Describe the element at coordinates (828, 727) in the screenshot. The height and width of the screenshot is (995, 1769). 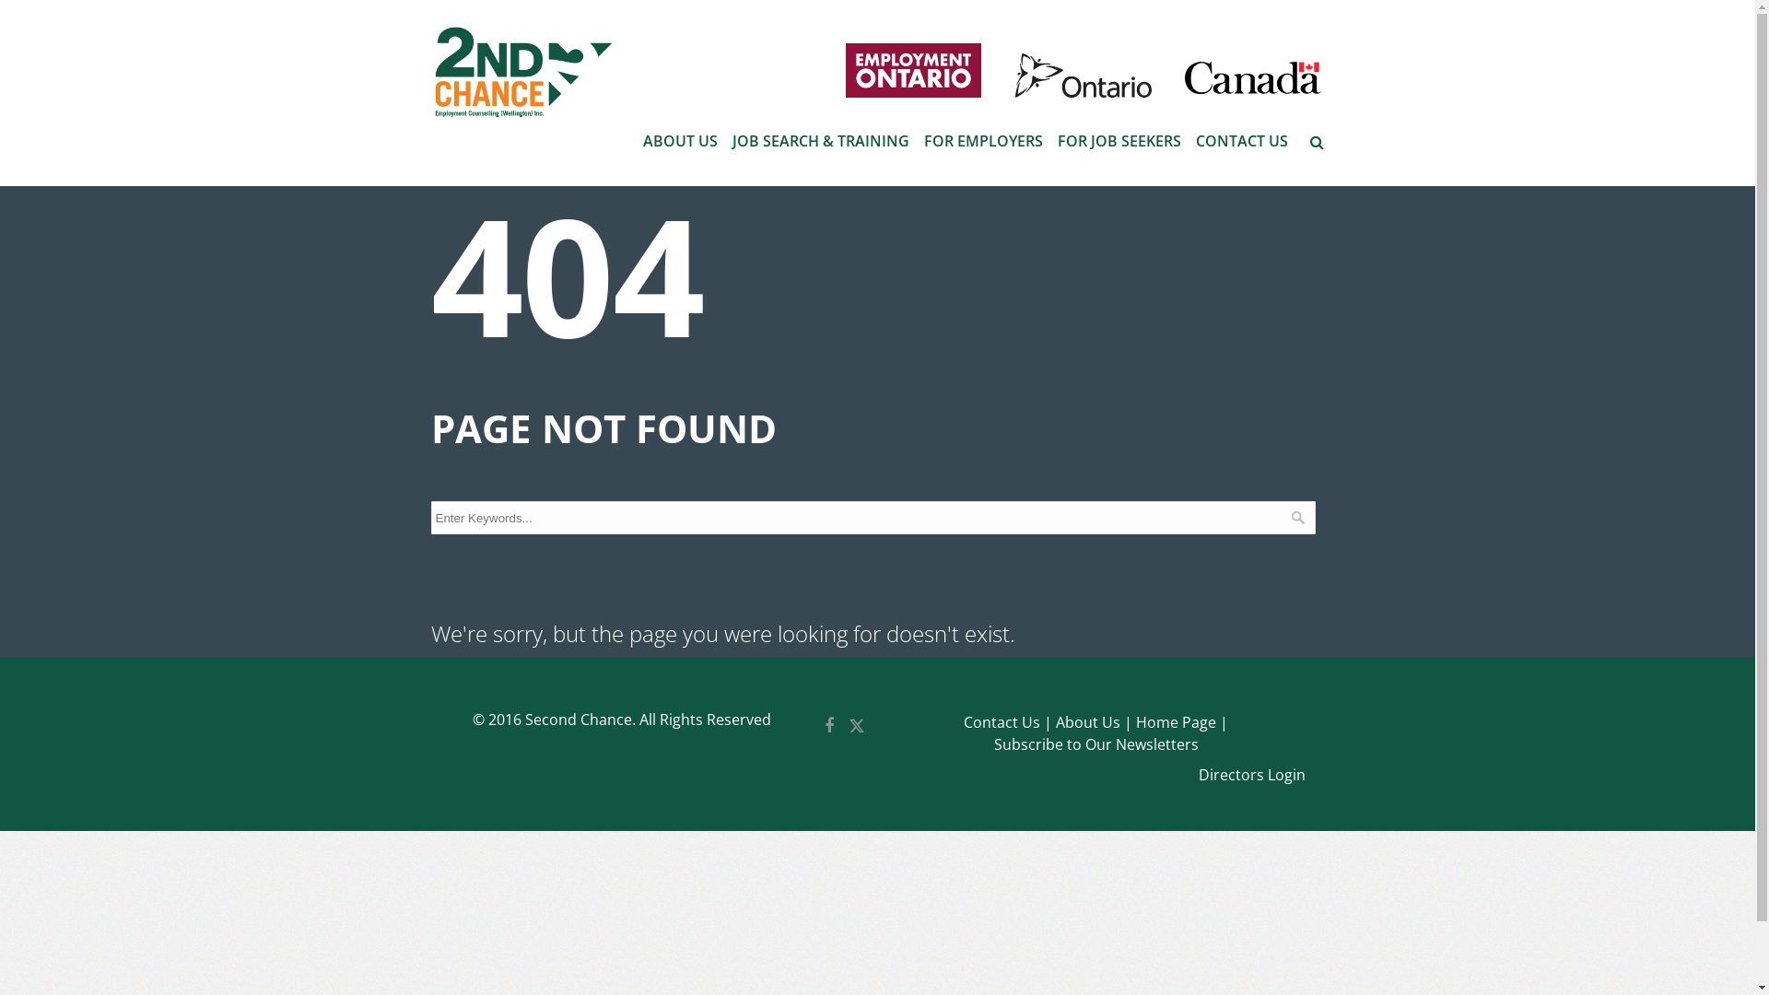
I see `'2nd Chance facebook'` at that location.